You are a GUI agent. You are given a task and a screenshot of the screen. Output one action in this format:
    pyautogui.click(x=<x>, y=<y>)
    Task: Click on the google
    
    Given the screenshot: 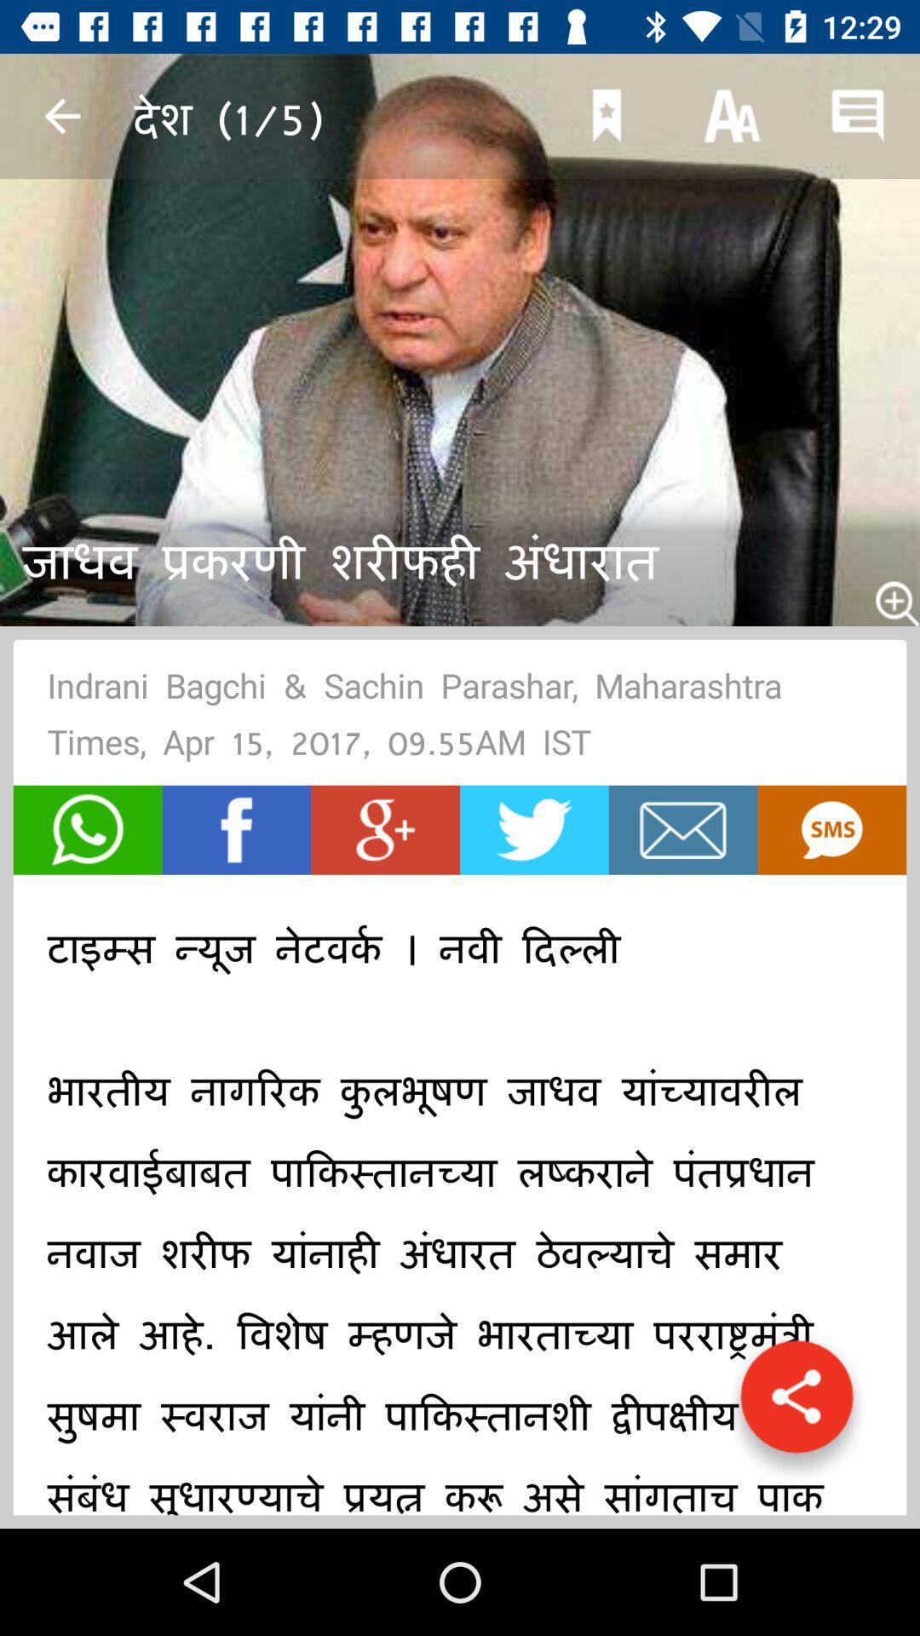 What is the action you would take?
    pyautogui.click(x=385, y=830)
    